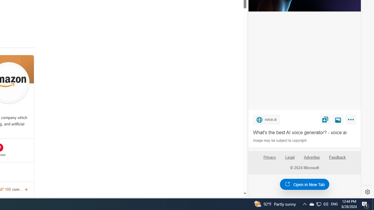  I want to click on 'What', so click(304, 133).